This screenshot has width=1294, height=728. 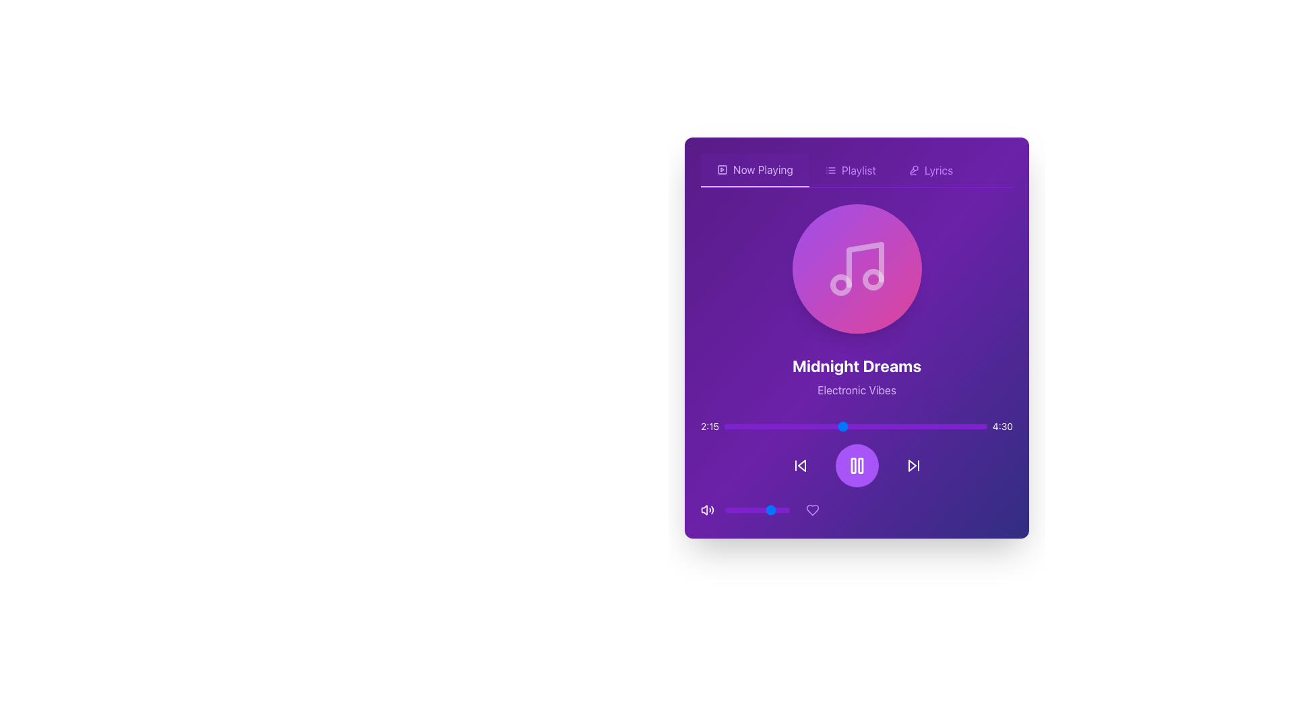 What do you see at coordinates (818, 426) in the screenshot?
I see `the slider` at bounding box center [818, 426].